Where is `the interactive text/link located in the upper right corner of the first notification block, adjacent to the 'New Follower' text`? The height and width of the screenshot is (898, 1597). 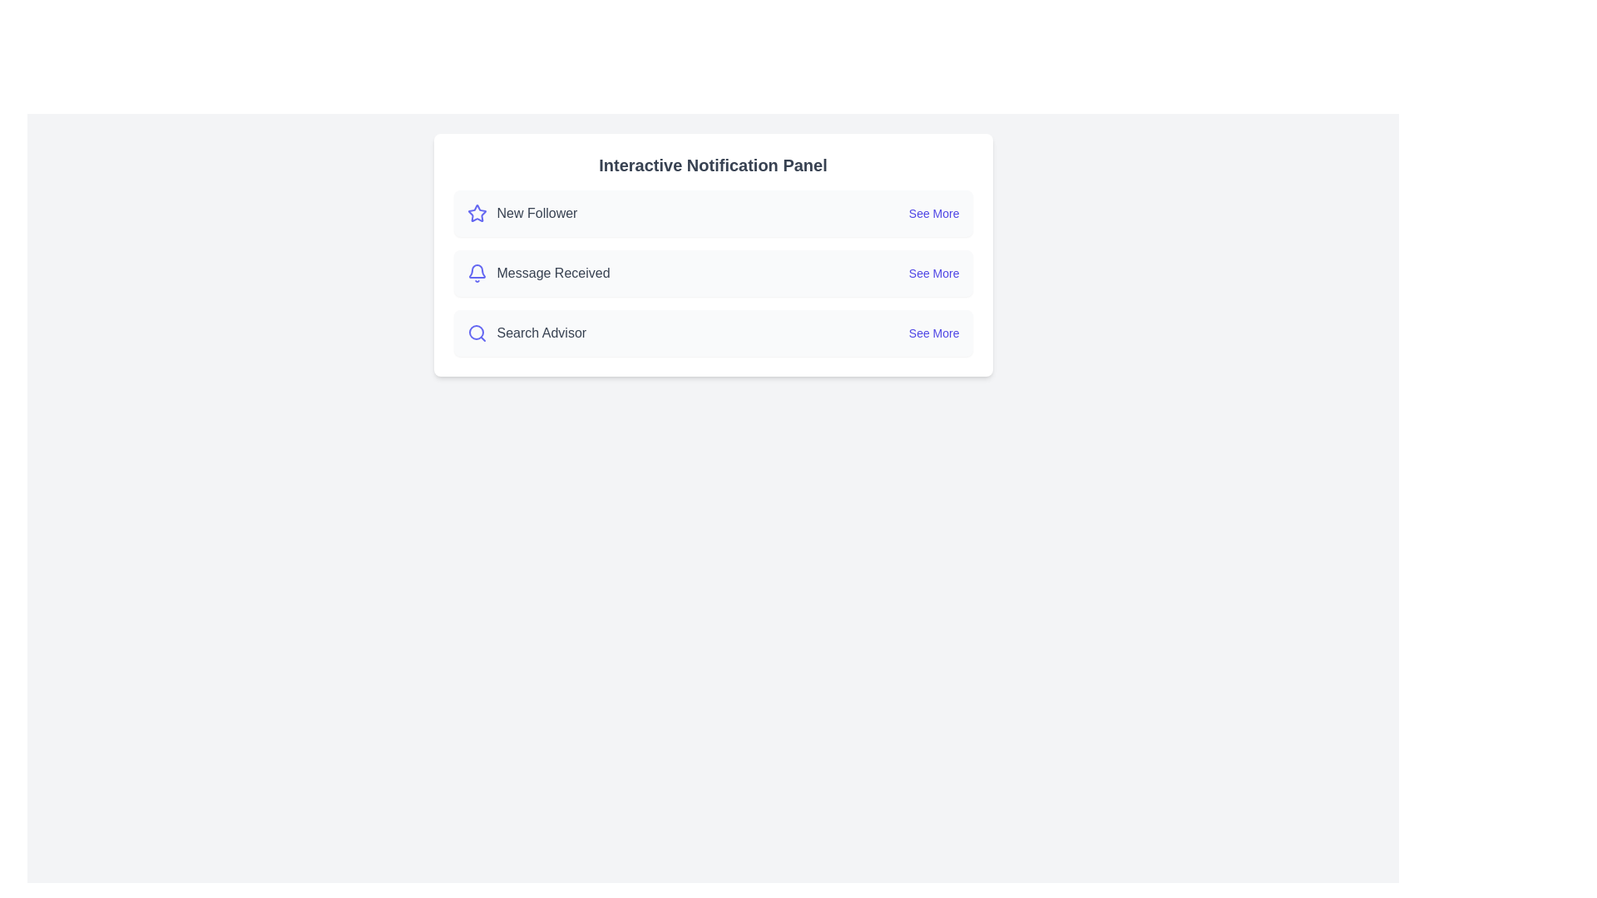 the interactive text/link located in the upper right corner of the first notification block, adjacent to the 'New Follower' text is located at coordinates (934, 213).